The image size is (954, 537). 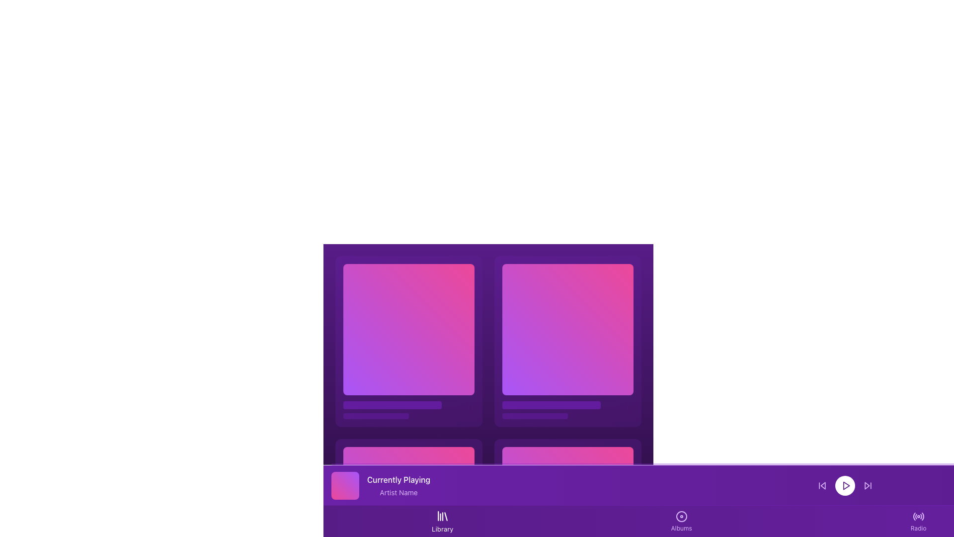 I want to click on the progress bar, which is a thin, horizontal, rounded bar with a partially transparent purple color, located at the bottom of the top-right content section, so click(x=551, y=405).